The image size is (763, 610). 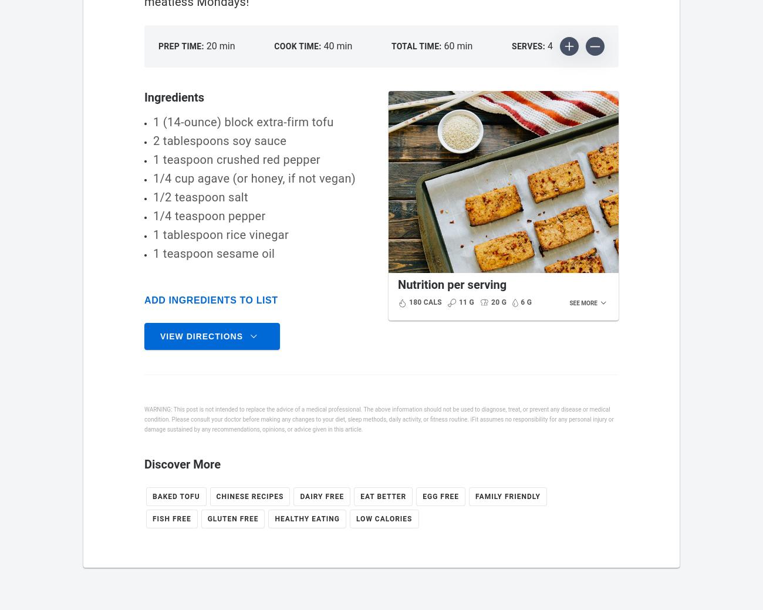 What do you see at coordinates (595, 466) in the screenshot?
I see `'7'` at bounding box center [595, 466].